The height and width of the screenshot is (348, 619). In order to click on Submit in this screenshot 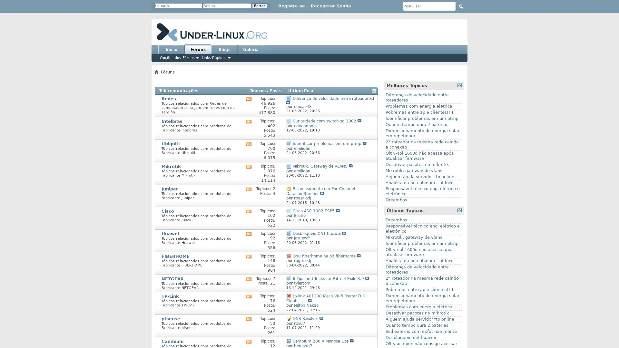, I will do `click(461, 6)`.